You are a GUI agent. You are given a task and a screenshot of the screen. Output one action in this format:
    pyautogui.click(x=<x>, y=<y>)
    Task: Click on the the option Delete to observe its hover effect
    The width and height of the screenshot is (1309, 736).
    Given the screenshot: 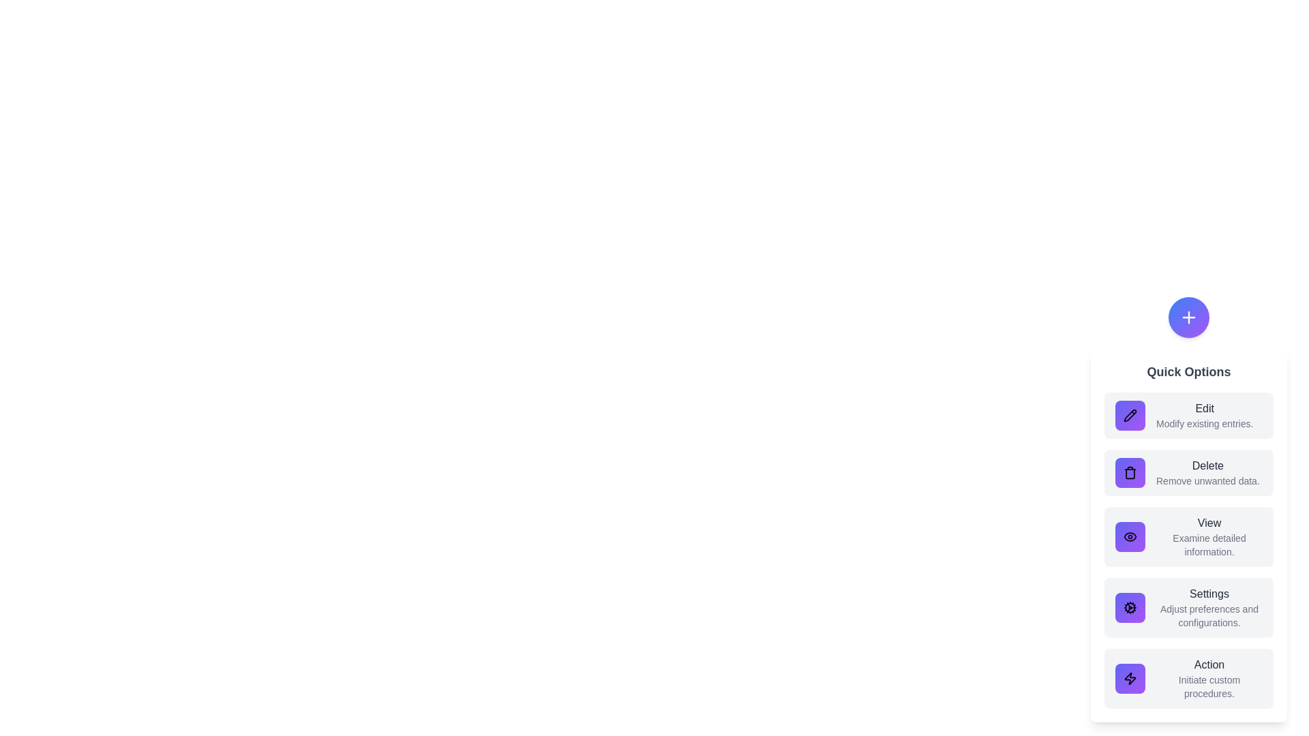 What is the action you would take?
    pyautogui.click(x=1188, y=472)
    